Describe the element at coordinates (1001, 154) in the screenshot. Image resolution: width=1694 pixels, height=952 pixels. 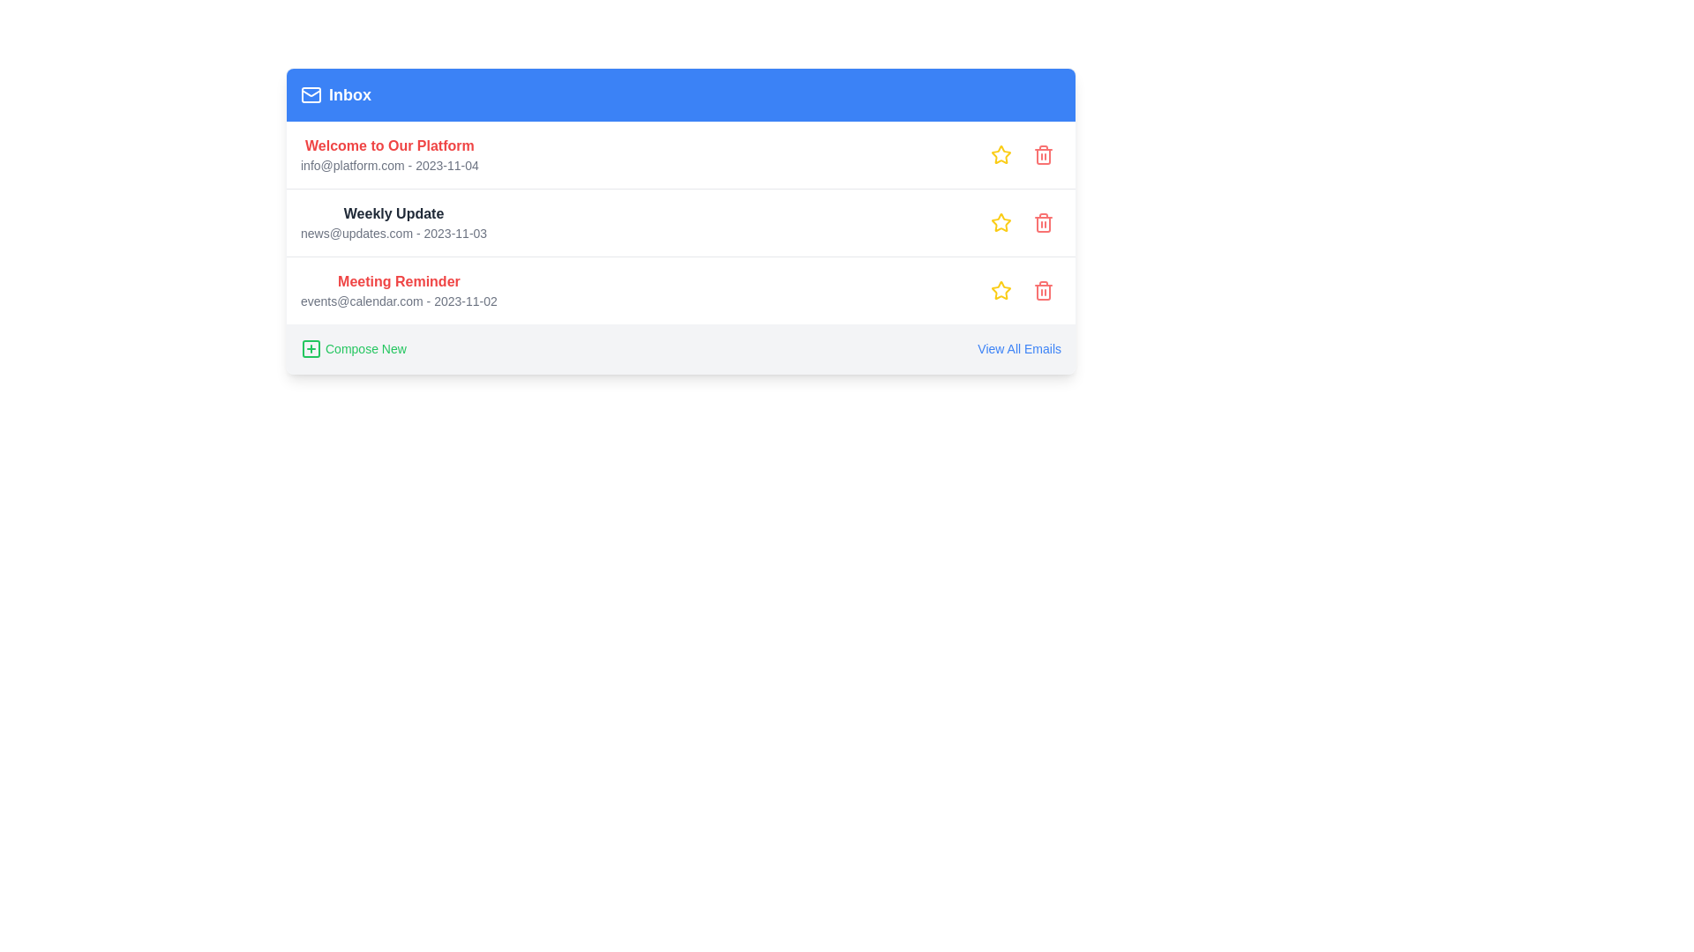
I see `the star indicator button in the first row of the email list` at that location.